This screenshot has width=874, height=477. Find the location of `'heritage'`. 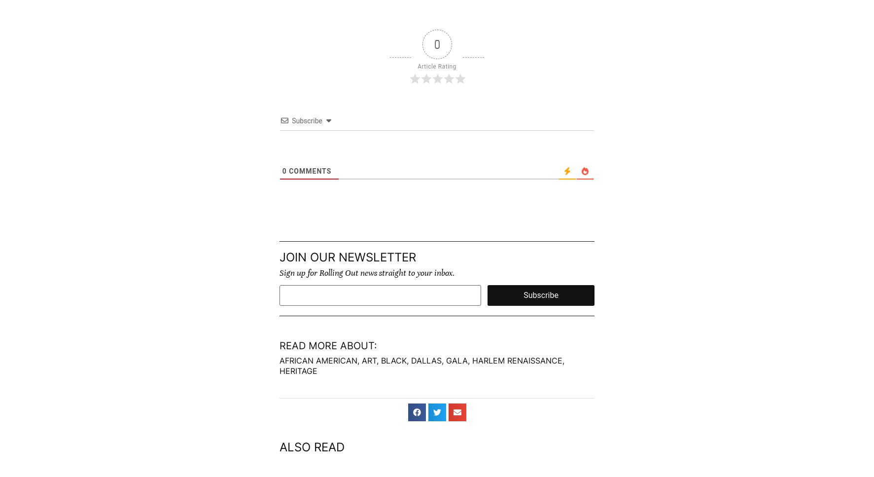

'heritage' is located at coordinates (279, 370).